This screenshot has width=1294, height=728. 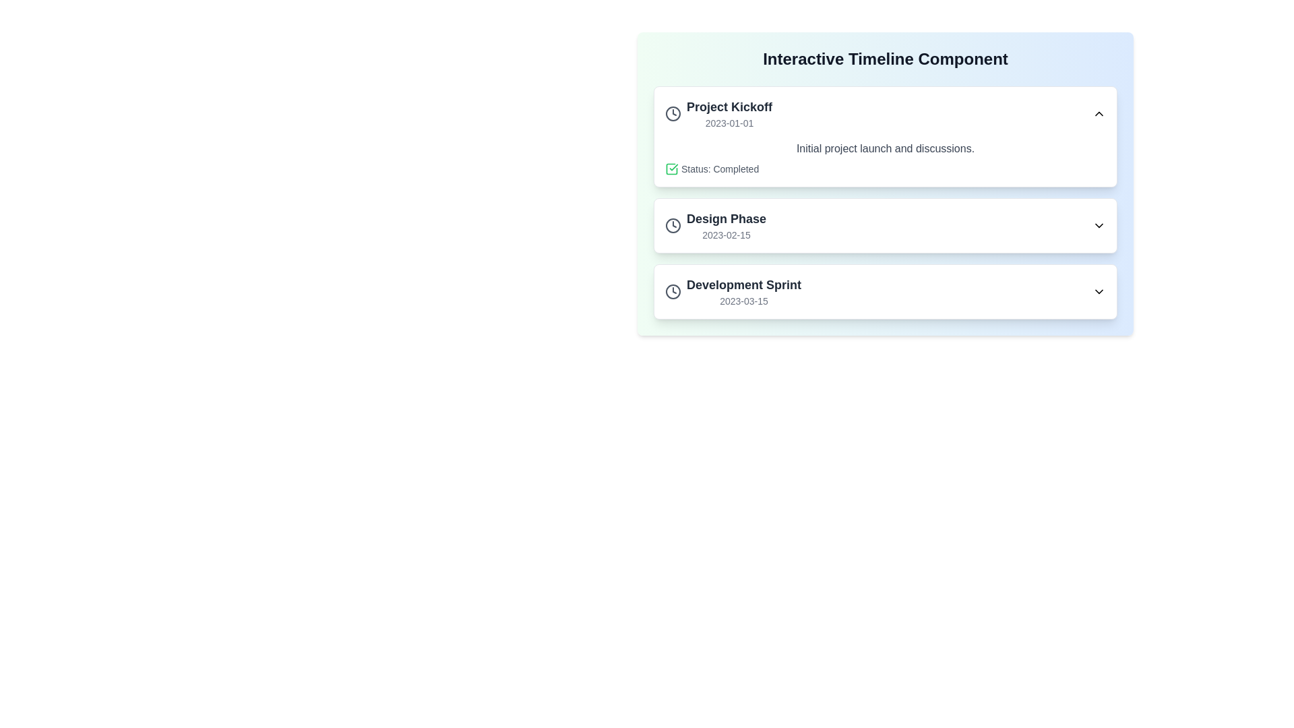 I want to click on the icon that indicates the task or milestone is marked as completed, located to the left of the text 'Status: Completed' in the timeline component, so click(x=672, y=168).